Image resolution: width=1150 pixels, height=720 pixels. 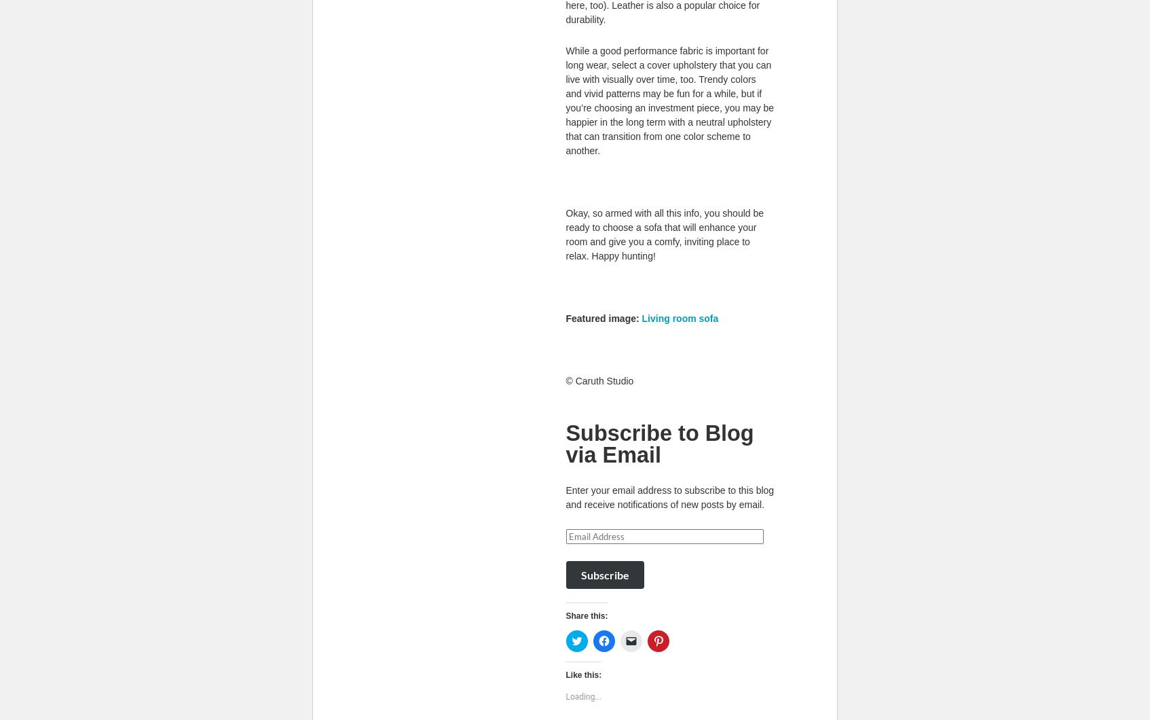 I want to click on 'Loading...', so click(x=565, y=696).